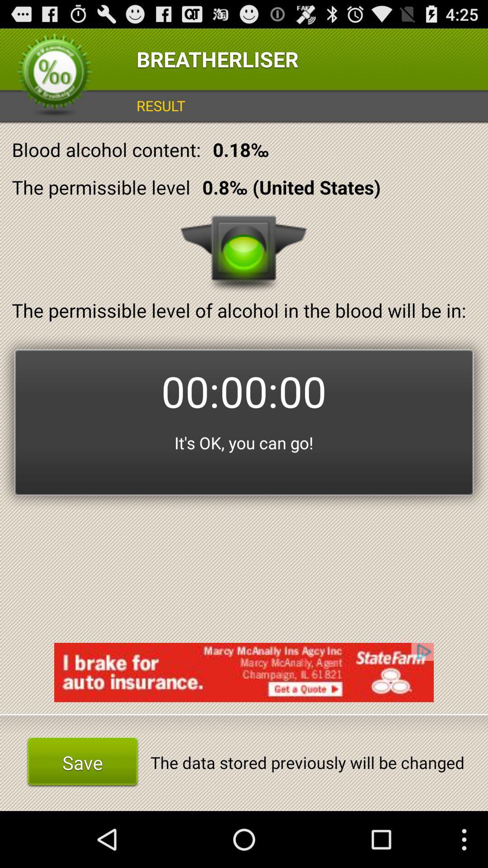  Describe the element at coordinates (82, 762) in the screenshot. I see `item next to the the data stored icon` at that location.